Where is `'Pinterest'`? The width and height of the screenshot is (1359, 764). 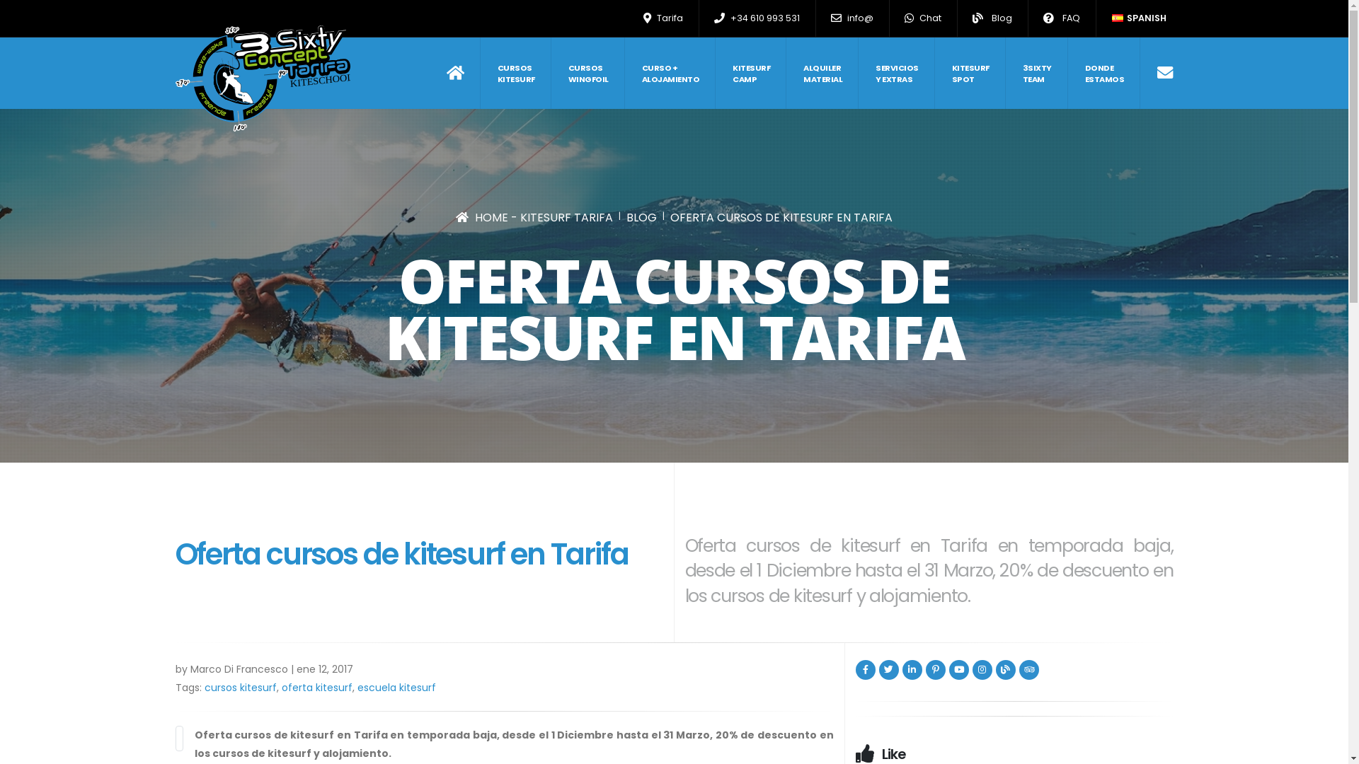
'Pinterest' is located at coordinates (935, 669).